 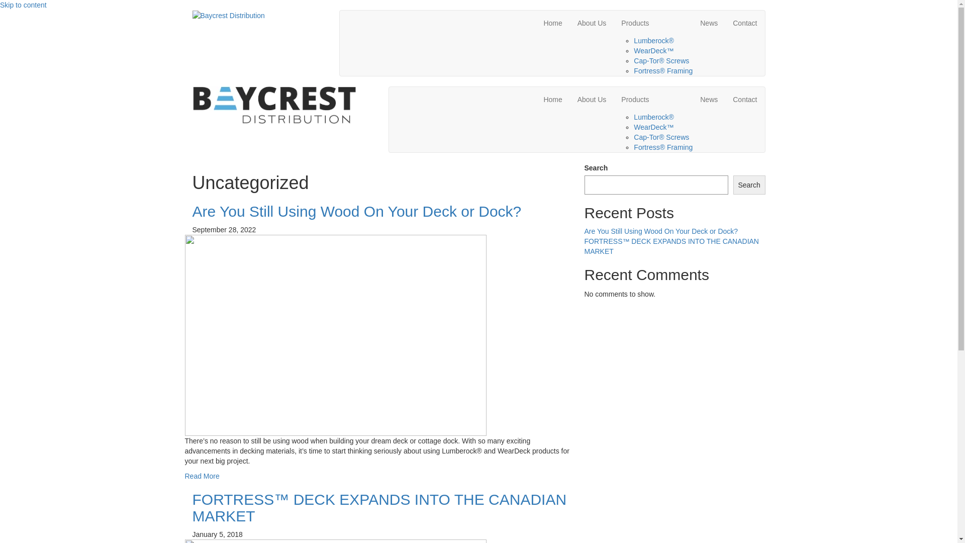 What do you see at coordinates (653, 99) in the screenshot?
I see `'Products'` at bounding box center [653, 99].